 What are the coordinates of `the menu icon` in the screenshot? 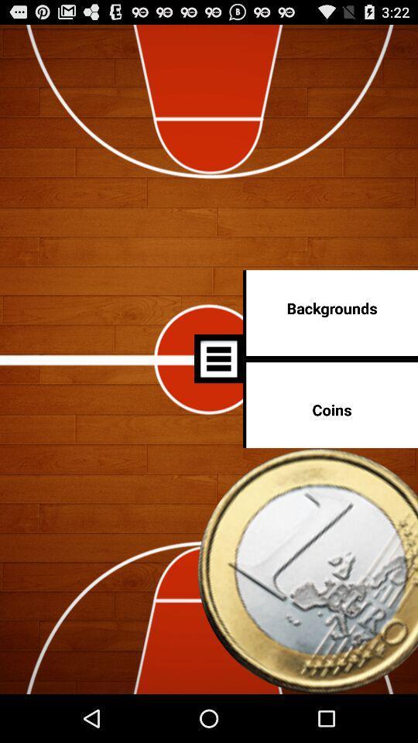 It's located at (218, 383).